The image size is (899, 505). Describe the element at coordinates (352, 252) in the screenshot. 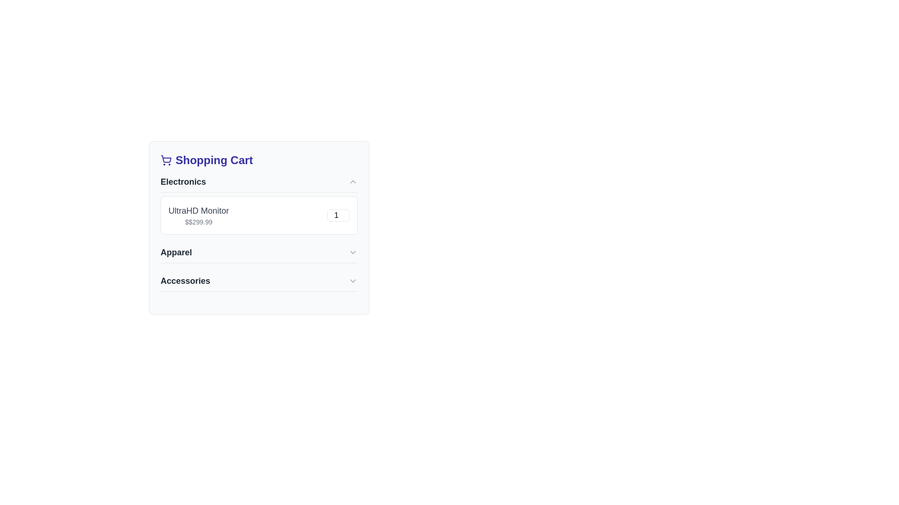

I see `the Chevron dropdown toggle icon located to the far right of the 'Apparel' row` at that location.